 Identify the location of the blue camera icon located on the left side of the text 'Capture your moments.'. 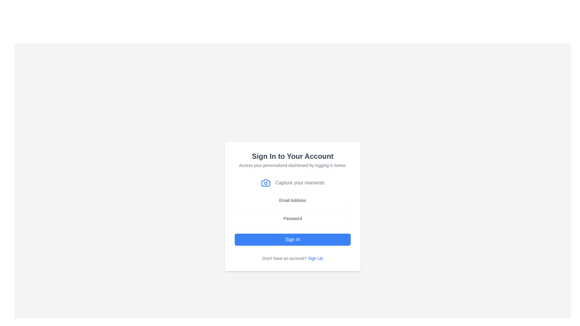
(266, 182).